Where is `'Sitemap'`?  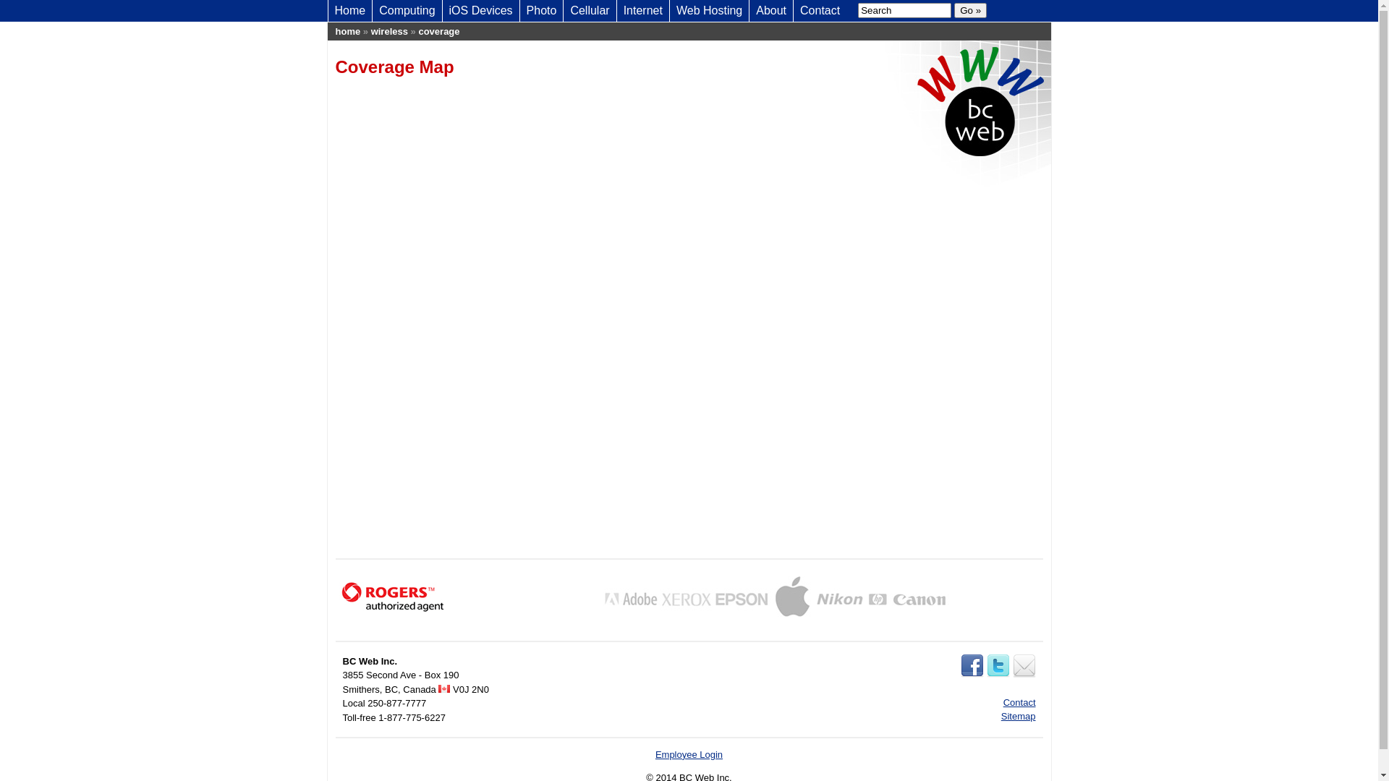 'Sitemap' is located at coordinates (1017, 716).